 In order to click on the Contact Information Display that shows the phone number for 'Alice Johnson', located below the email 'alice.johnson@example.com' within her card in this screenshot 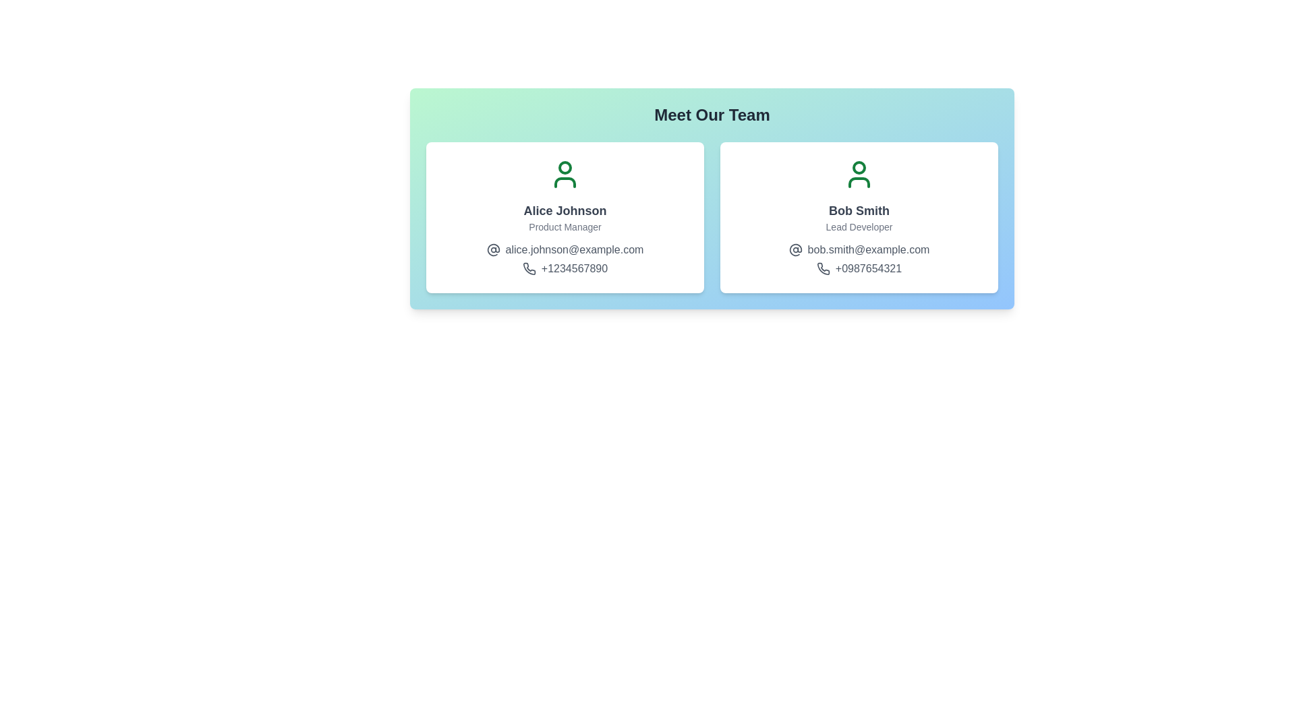, I will do `click(565, 268)`.